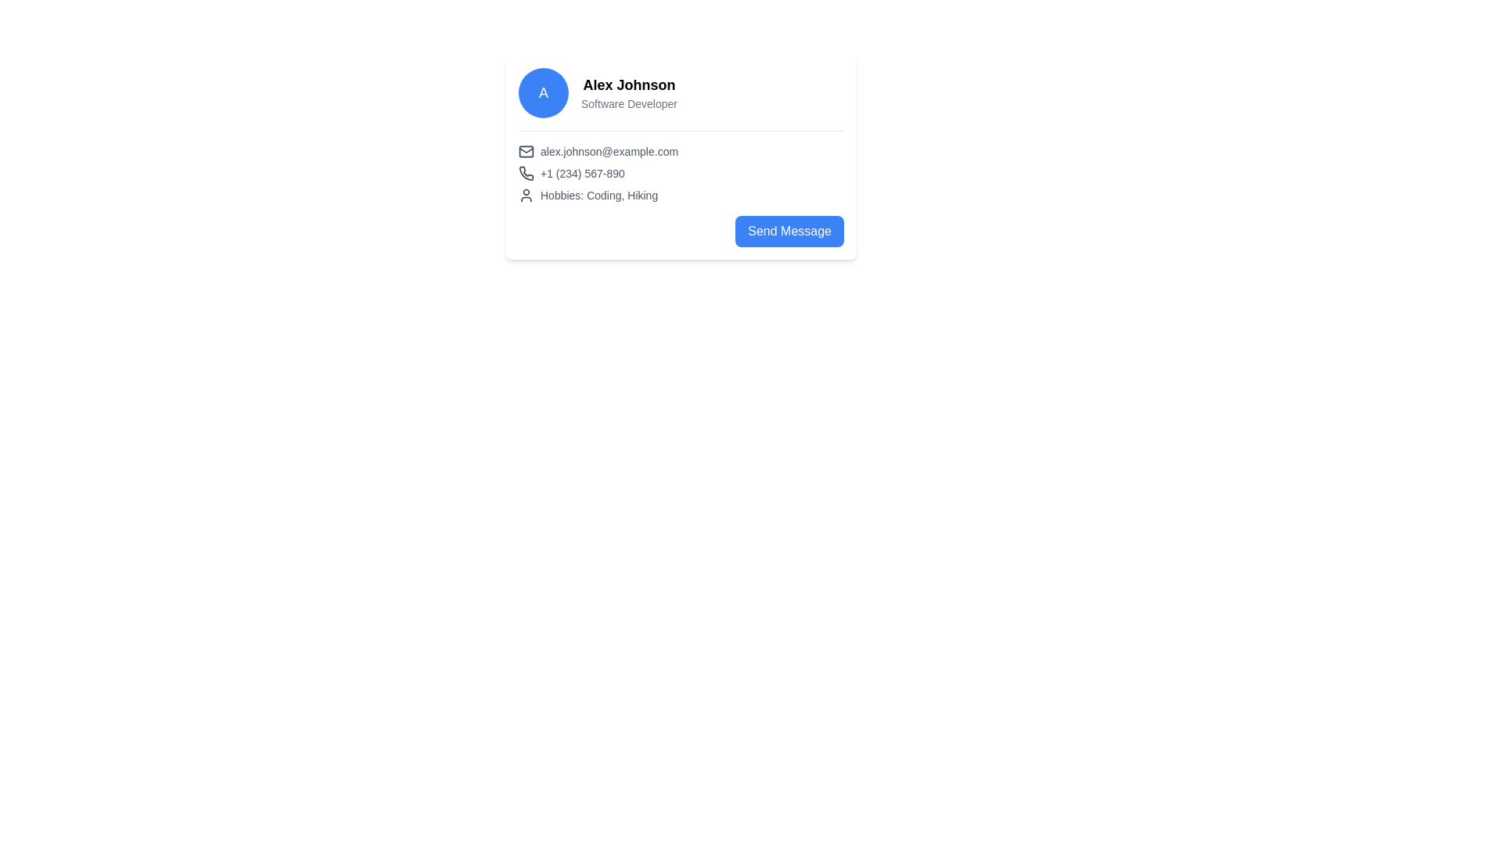 Image resolution: width=1502 pixels, height=845 pixels. What do you see at coordinates (789, 232) in the screenshot?
I see `the 'Send Message' button located at the bottom right of the user profile card` at bounding box center [789, 232].